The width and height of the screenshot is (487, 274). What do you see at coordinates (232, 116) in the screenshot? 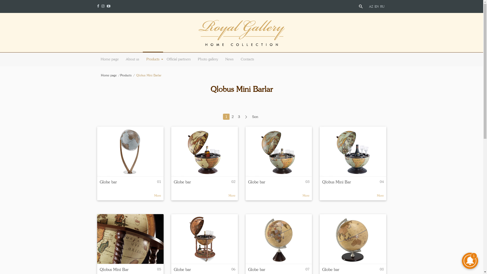
I see `'2'` at bounding box center [232, 116].